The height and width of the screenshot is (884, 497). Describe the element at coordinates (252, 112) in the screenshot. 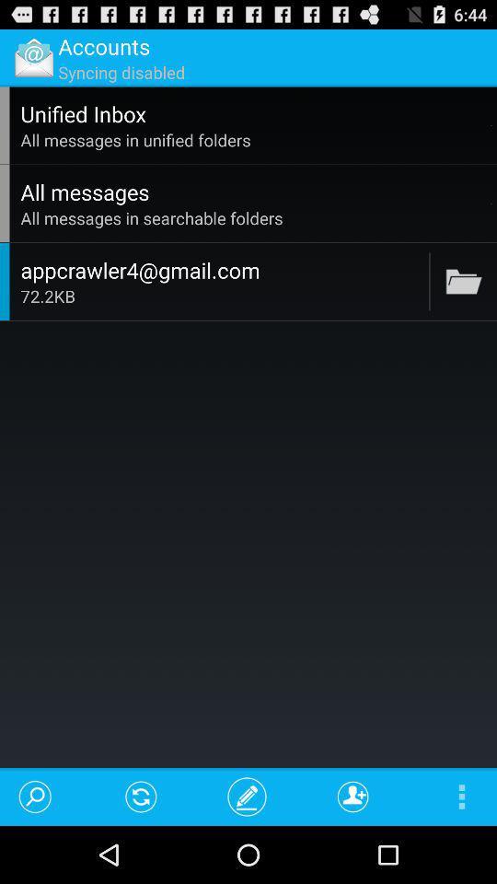

I see `app above all messages in icon` at that location.